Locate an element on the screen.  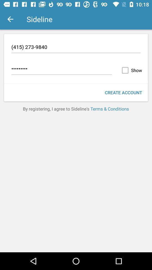
(415) 273-9840 is located at coordinates (76, 48).